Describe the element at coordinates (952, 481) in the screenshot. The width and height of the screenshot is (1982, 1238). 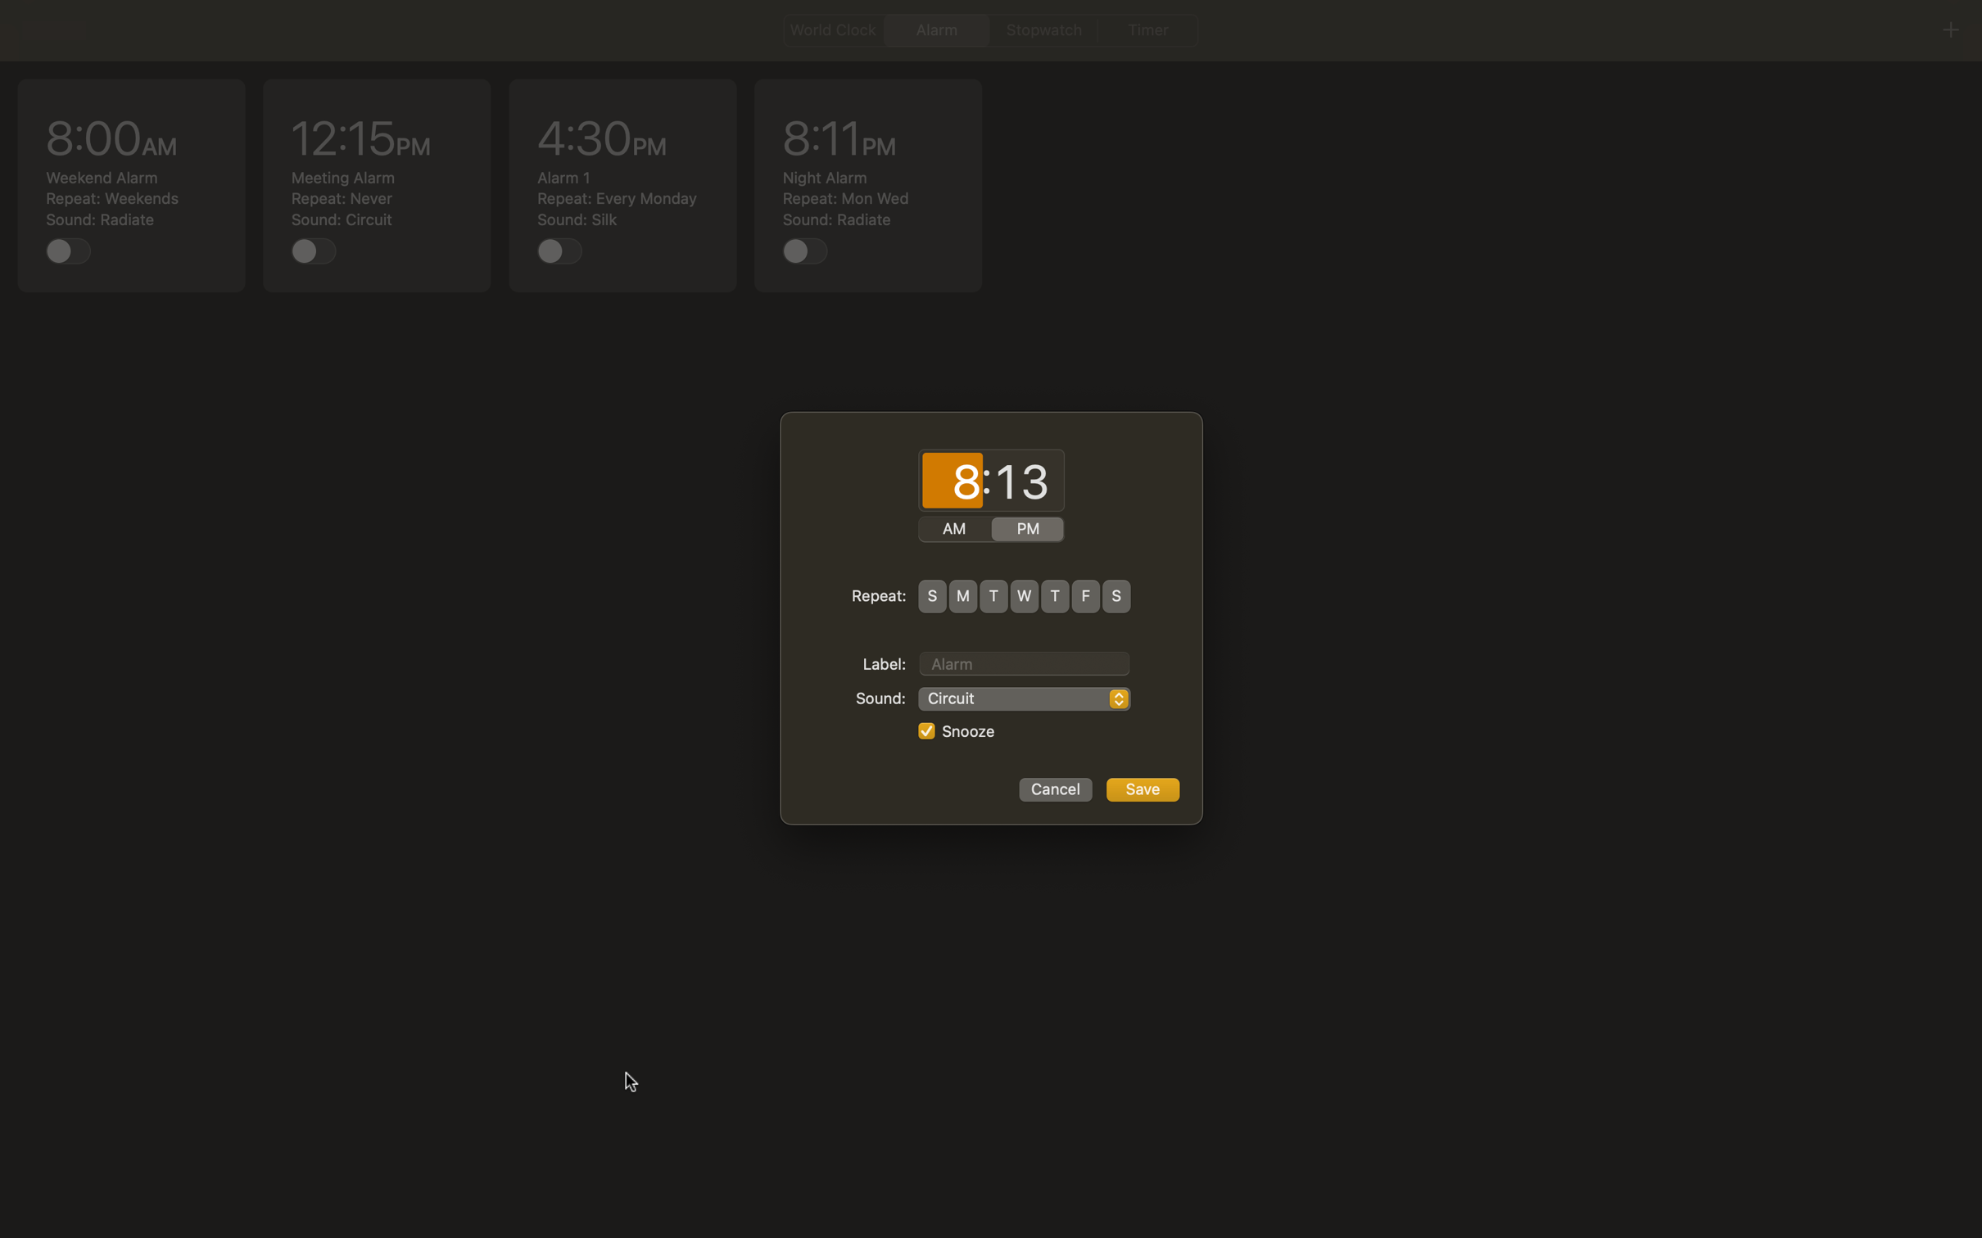
I see `hours as 7 and minutes as 45` at that location.